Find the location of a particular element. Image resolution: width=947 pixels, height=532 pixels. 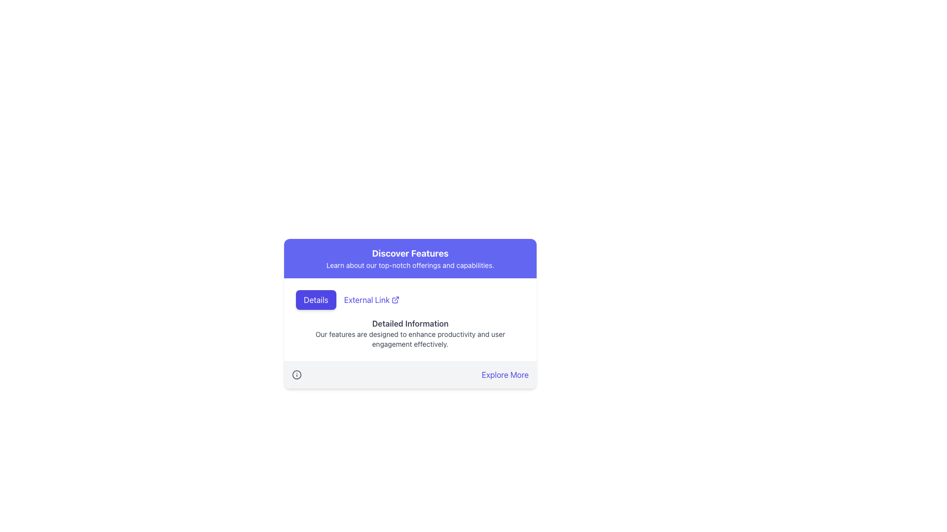

the external link icon located to the right of the 'External Link' text within the clickable button styled as a hyperlink is located at coordinates (396, 299).